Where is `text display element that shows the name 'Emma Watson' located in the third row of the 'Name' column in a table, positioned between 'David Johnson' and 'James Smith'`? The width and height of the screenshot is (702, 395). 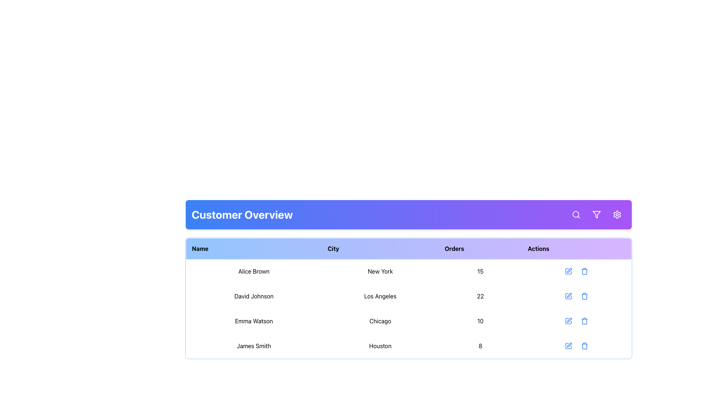
text display element that shows the name 'Emma Watson' located in the third row of the 'Name' column in a table, positioned between 'David Johnson' and 'James Smith' is located at coordinates (254, 321).